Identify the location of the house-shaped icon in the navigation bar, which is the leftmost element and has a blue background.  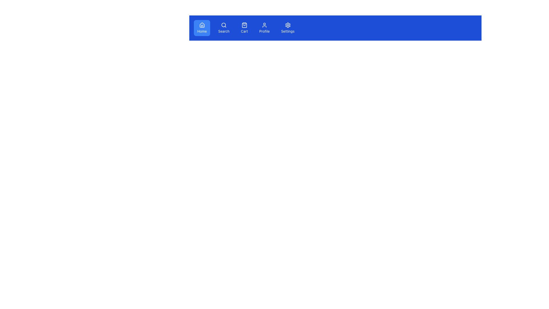
(202, 25).